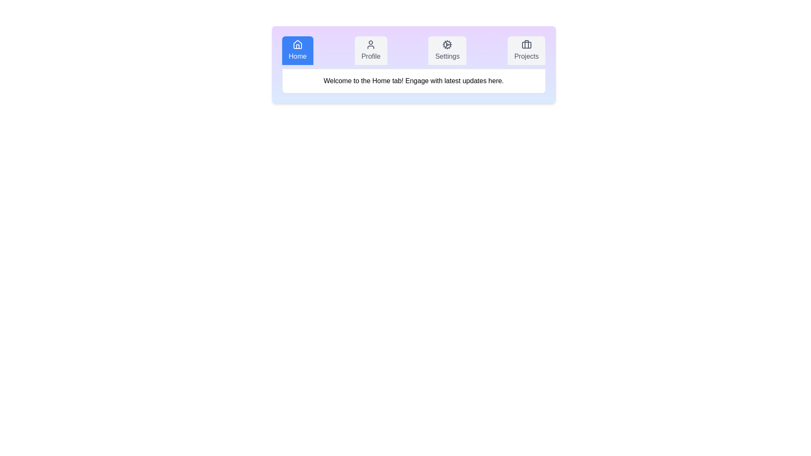 The image size is (811, 456). Describe the element at coordinates (297, 57) in the screenshot. I see `the 'Home' text label within the blue button that is located below the house icon in the navigation bar at the top of the interface` at that location.